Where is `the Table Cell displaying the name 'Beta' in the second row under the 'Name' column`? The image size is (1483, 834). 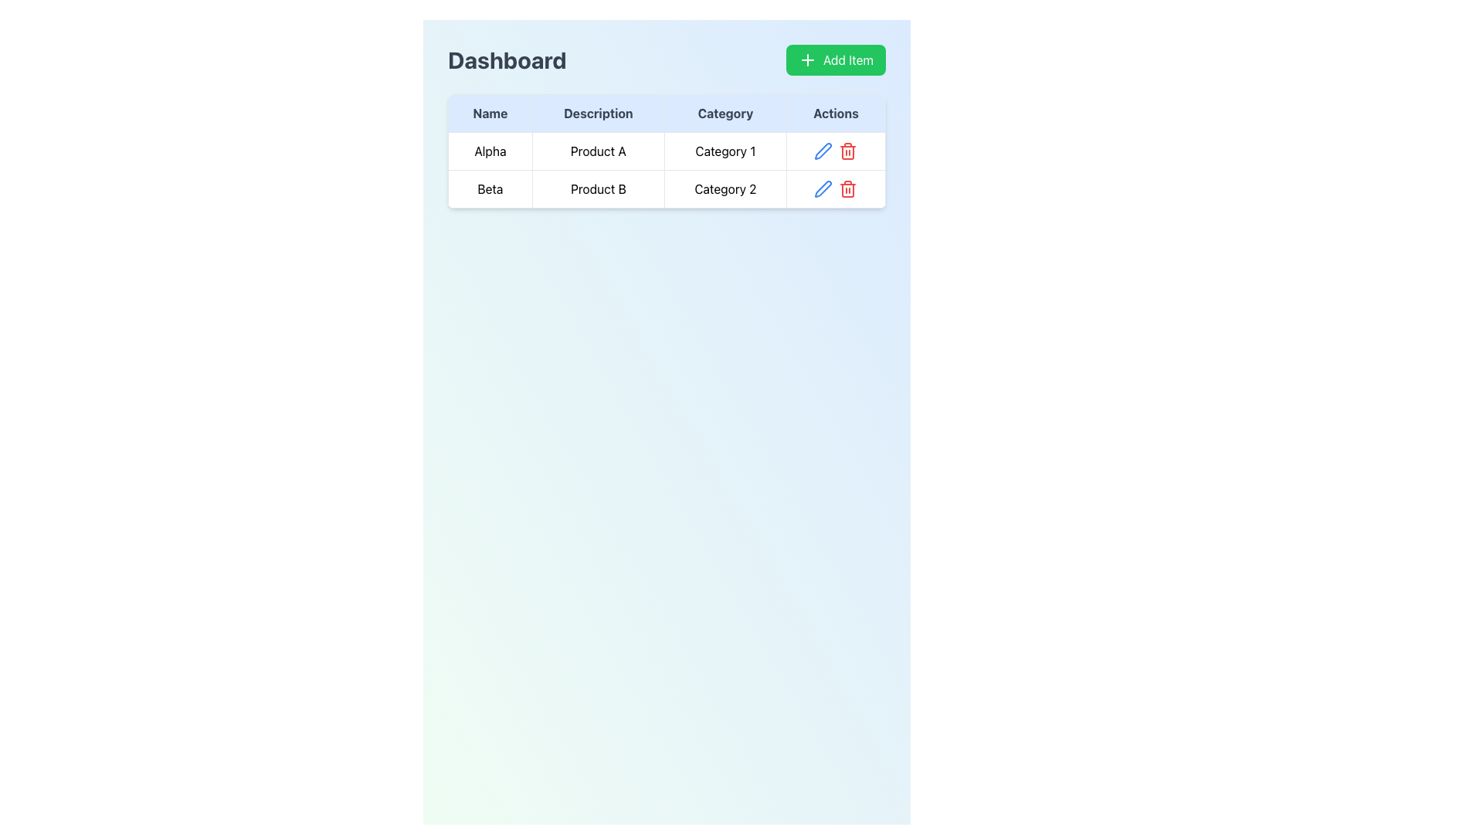 the Table Cell displaying the name 'Beta' in the second row under the 'Name' column is located at coordinates (489, 188).